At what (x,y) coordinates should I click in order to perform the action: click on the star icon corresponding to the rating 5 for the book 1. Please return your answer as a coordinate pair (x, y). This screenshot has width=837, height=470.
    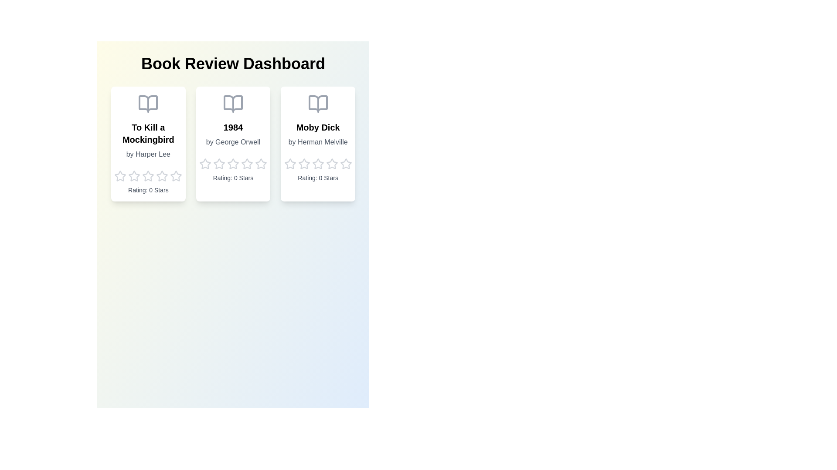
    Looking at the image, I should click on (175, 176).